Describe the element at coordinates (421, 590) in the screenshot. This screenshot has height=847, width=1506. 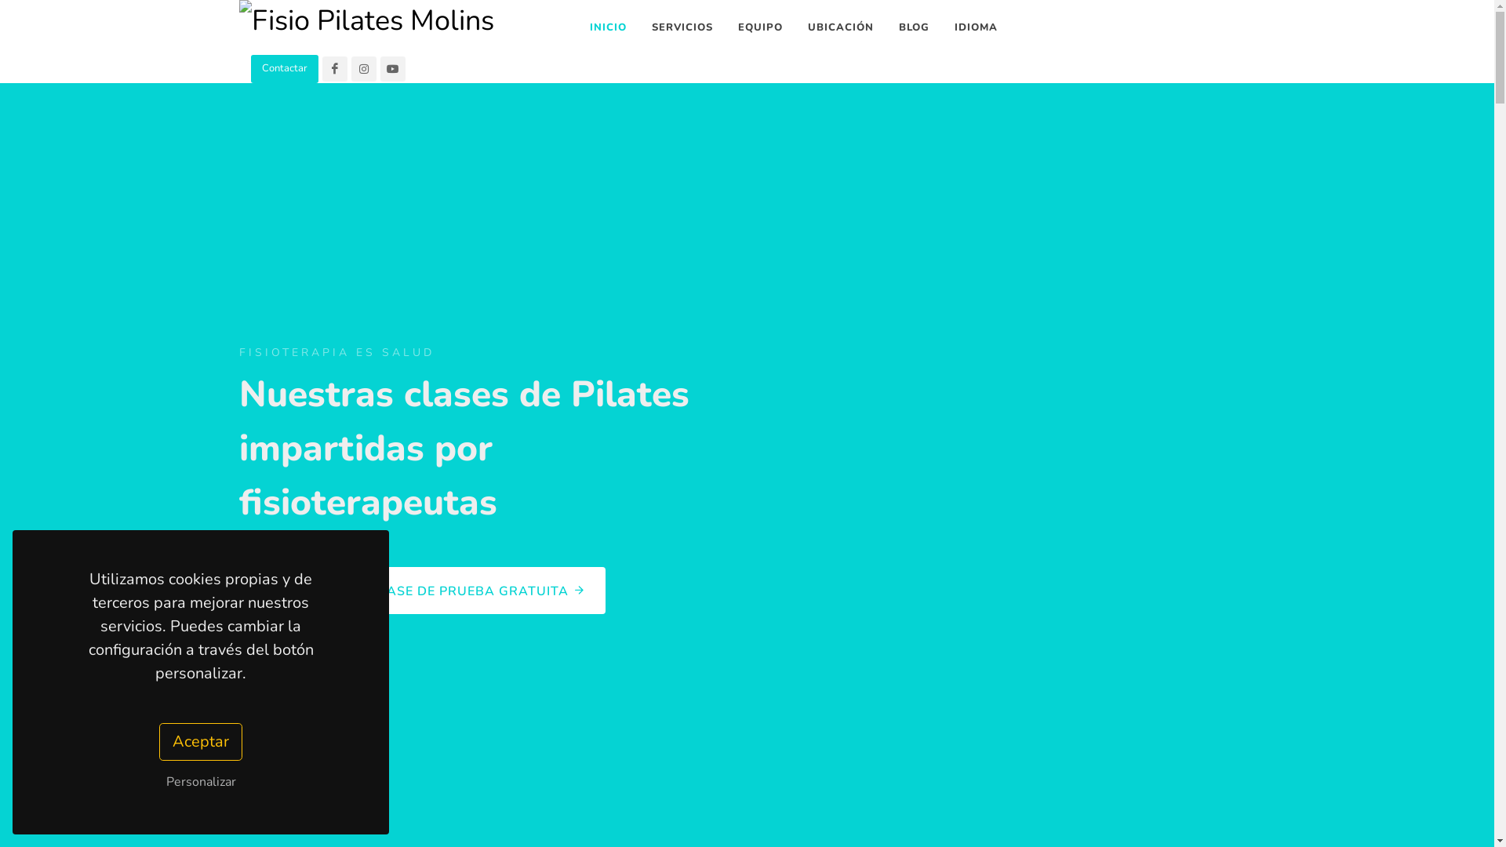
I see `'RESERVA YA TU CLASE DE PRUEBA GRATUITA'` at that location.